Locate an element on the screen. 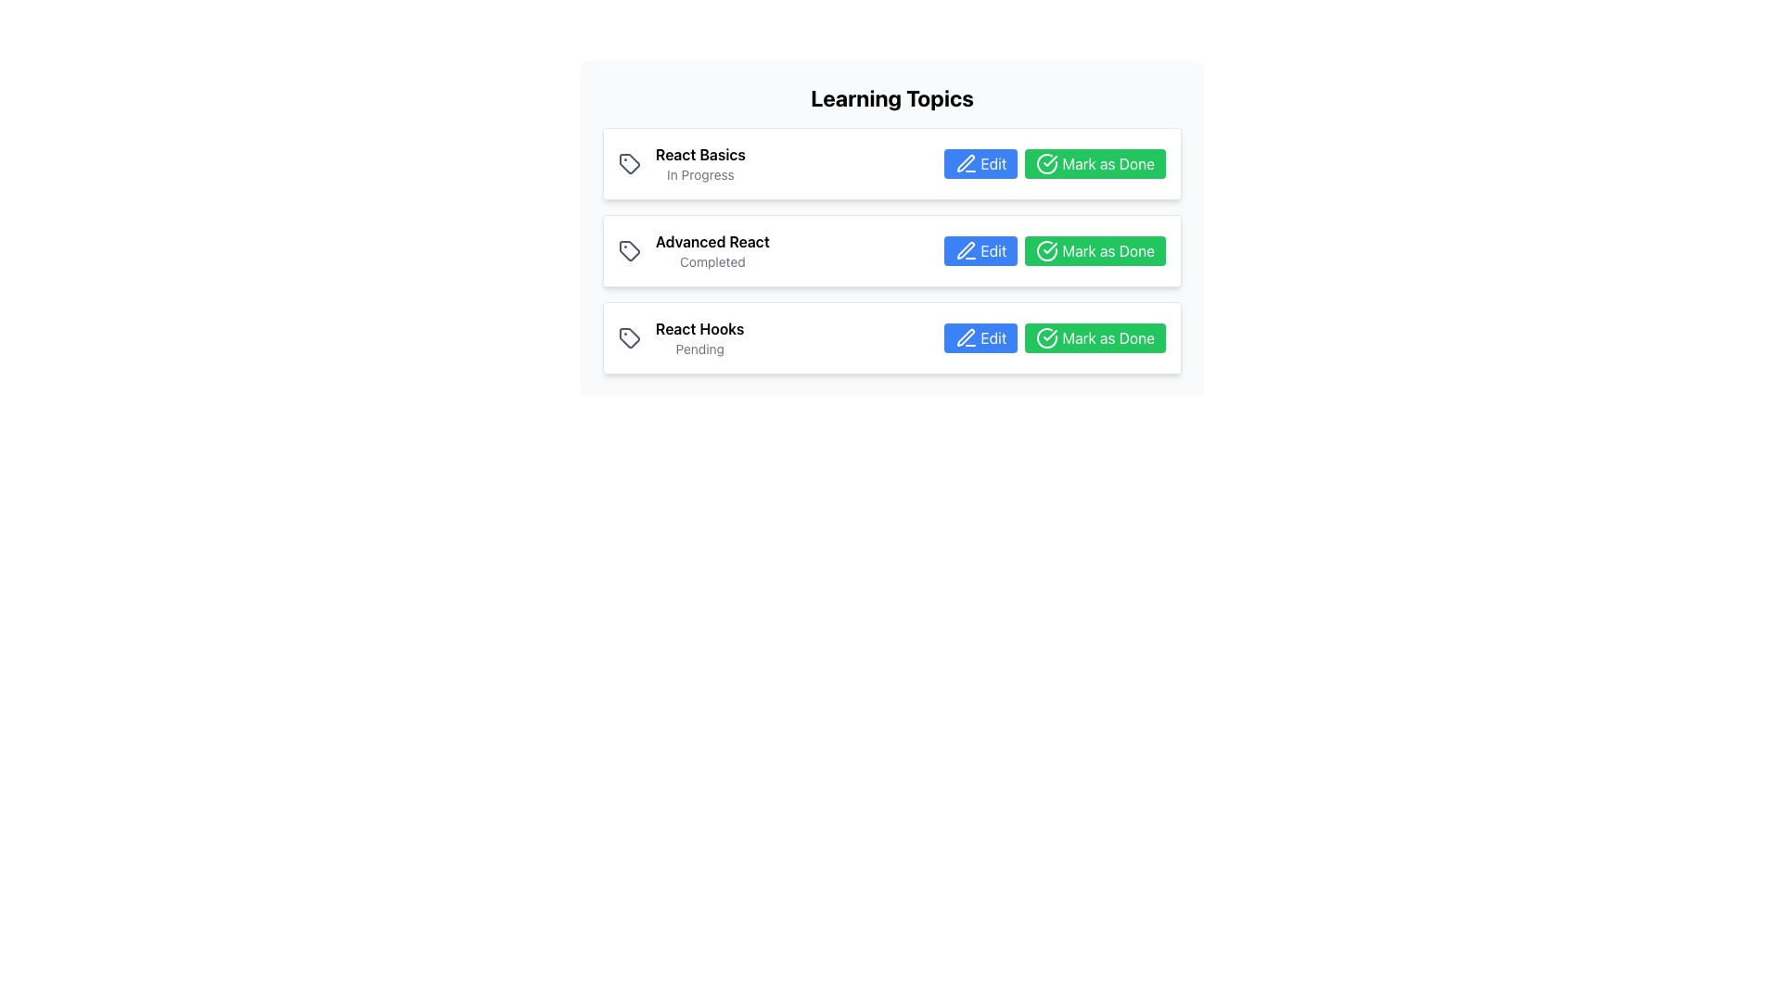 Image resolution: width=1781 pixels, height=1001 pixels. the completion icon located to the left of the 'Mark as Done' button in the third row of the displayed list is located at coordinates (1047, 338).